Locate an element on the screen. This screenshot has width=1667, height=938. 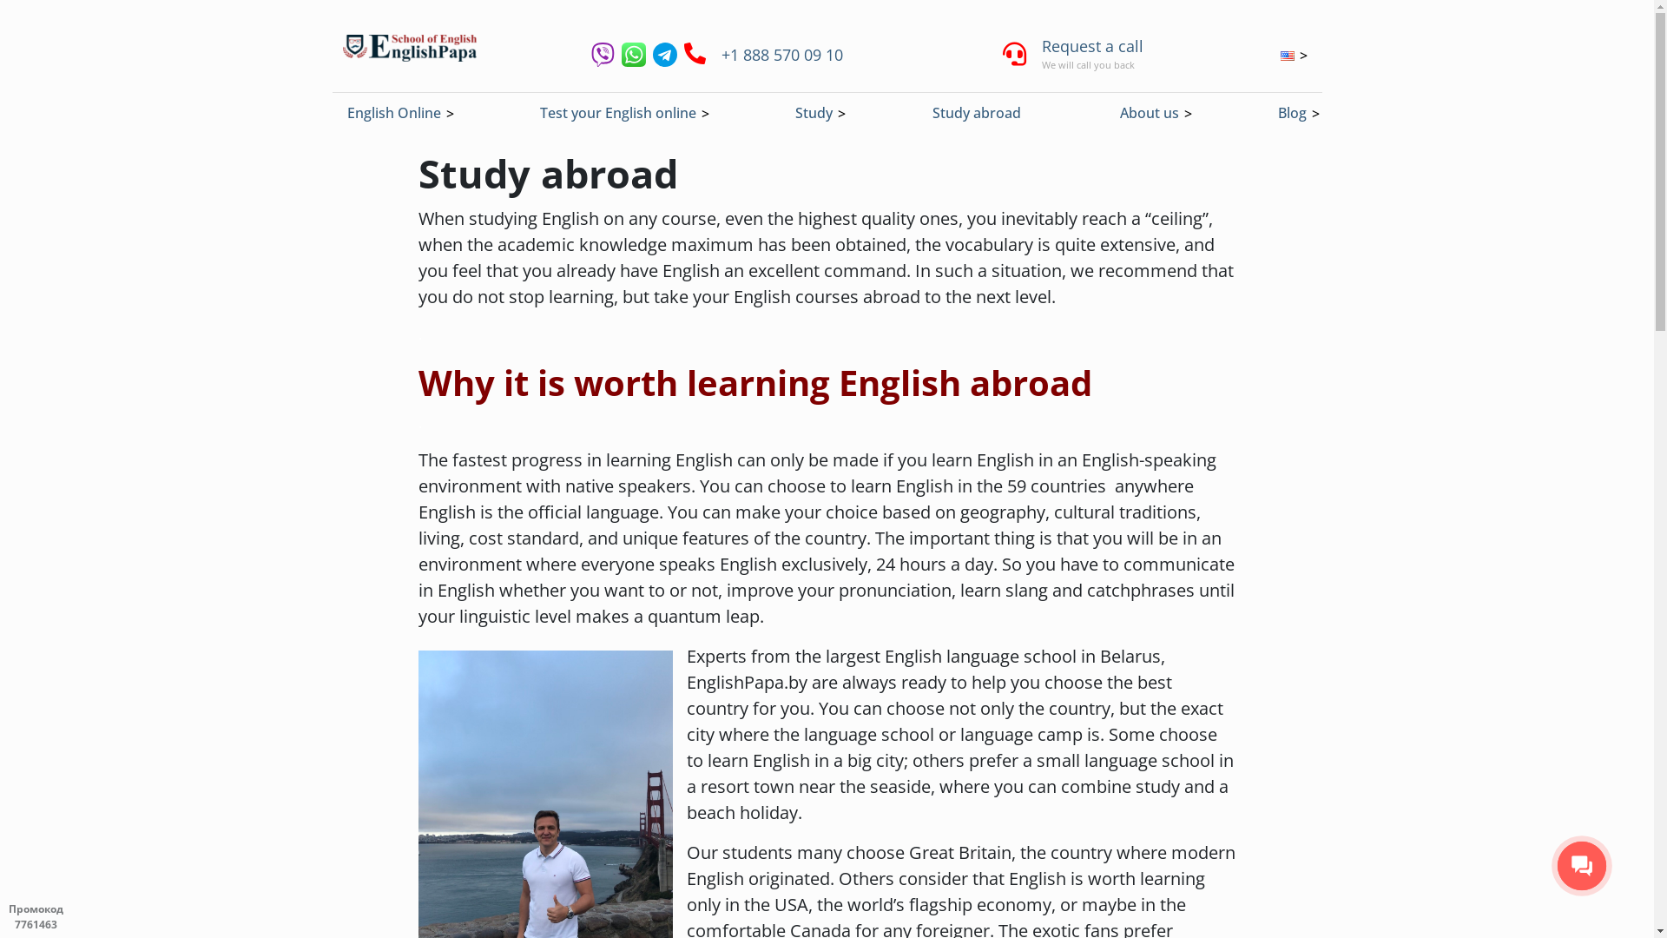
'Blog' is located at coordinates (1292, 113).